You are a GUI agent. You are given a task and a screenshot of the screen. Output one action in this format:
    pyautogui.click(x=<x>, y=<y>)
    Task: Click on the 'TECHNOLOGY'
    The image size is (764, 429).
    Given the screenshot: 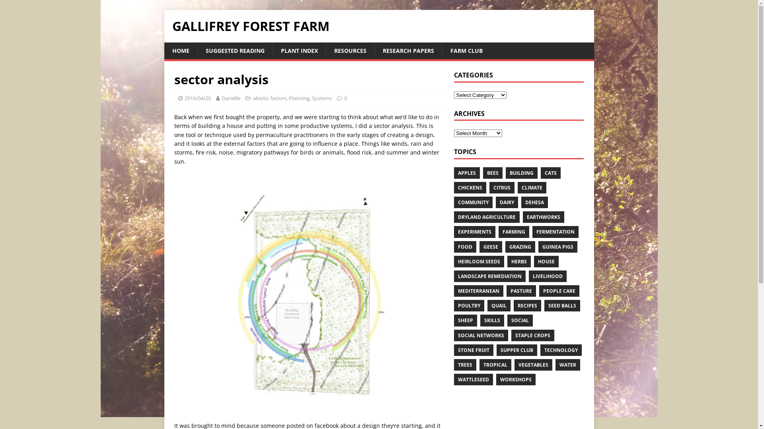 What is the action you would take?
    pyautogui.click(x=540, y=350)
    